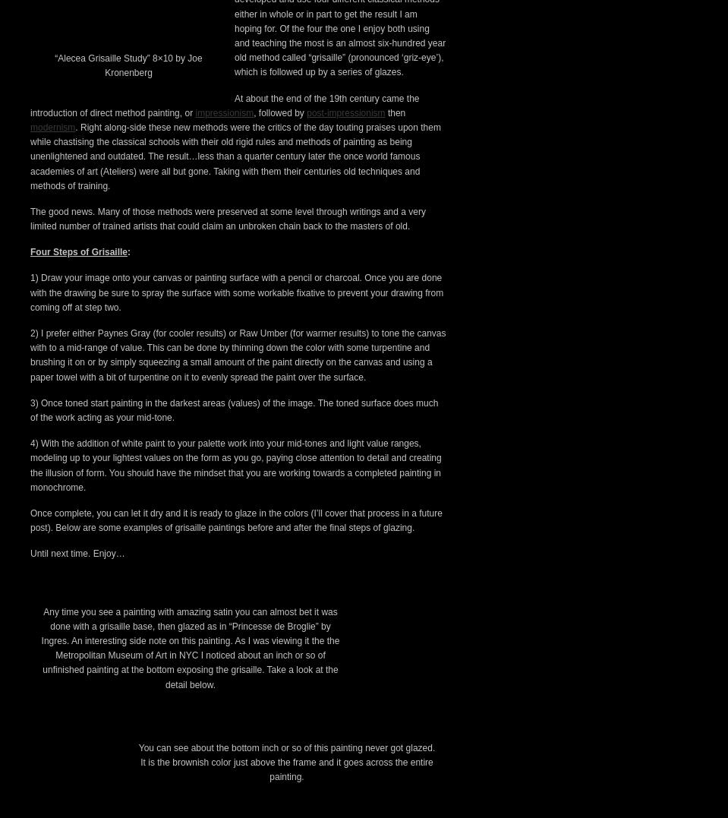  Describe the element at coordinates (136, 26) in the screenshot. I see `'May 10, 2012'` at that location.